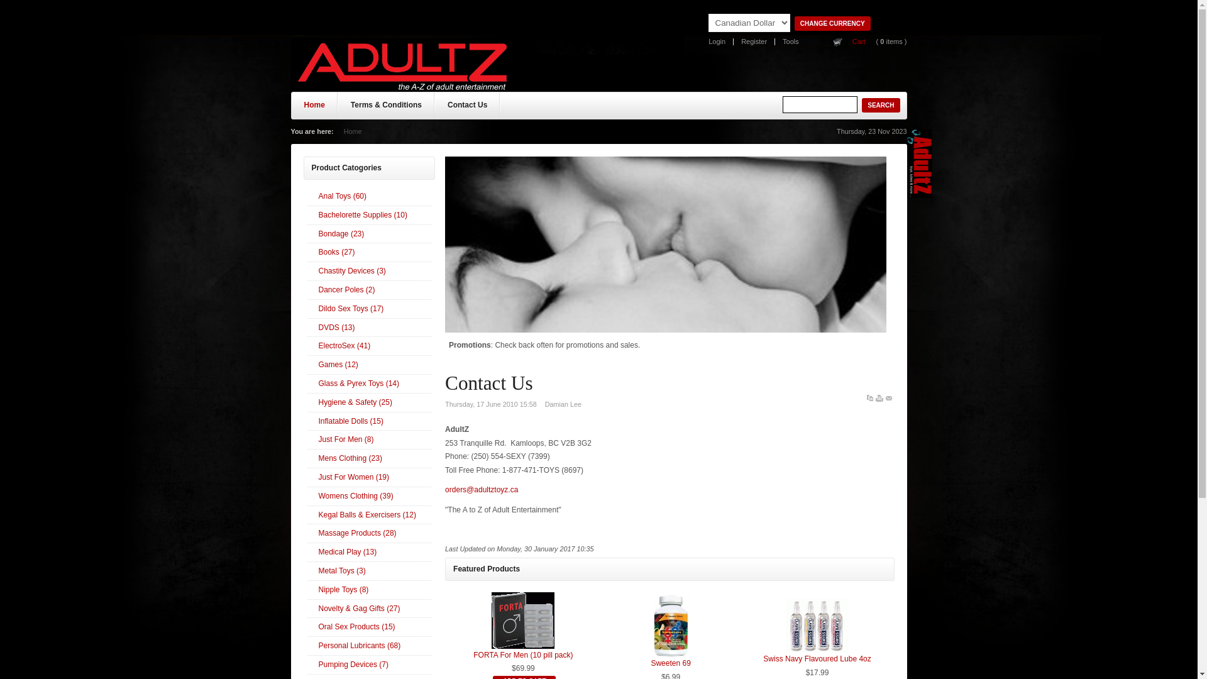 The width and height of the screenshot is (1207, 679). Describe the element at coordinates (368, 402) in the screenshot. I see `'Hygiene & Safety (25)'` at that location.